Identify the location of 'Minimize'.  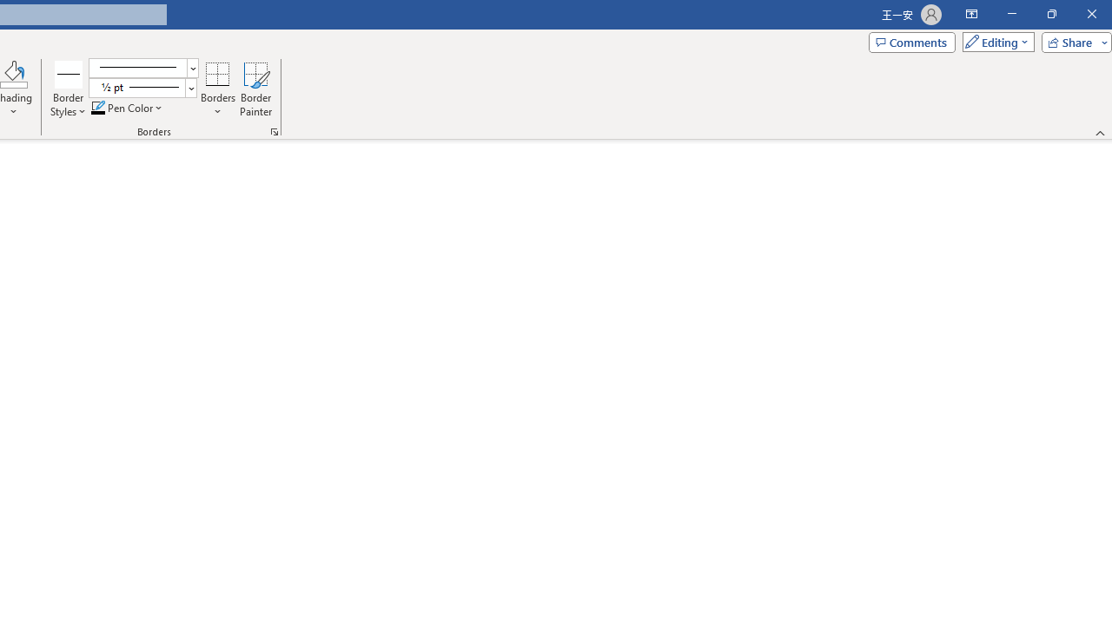
(1011, 14).